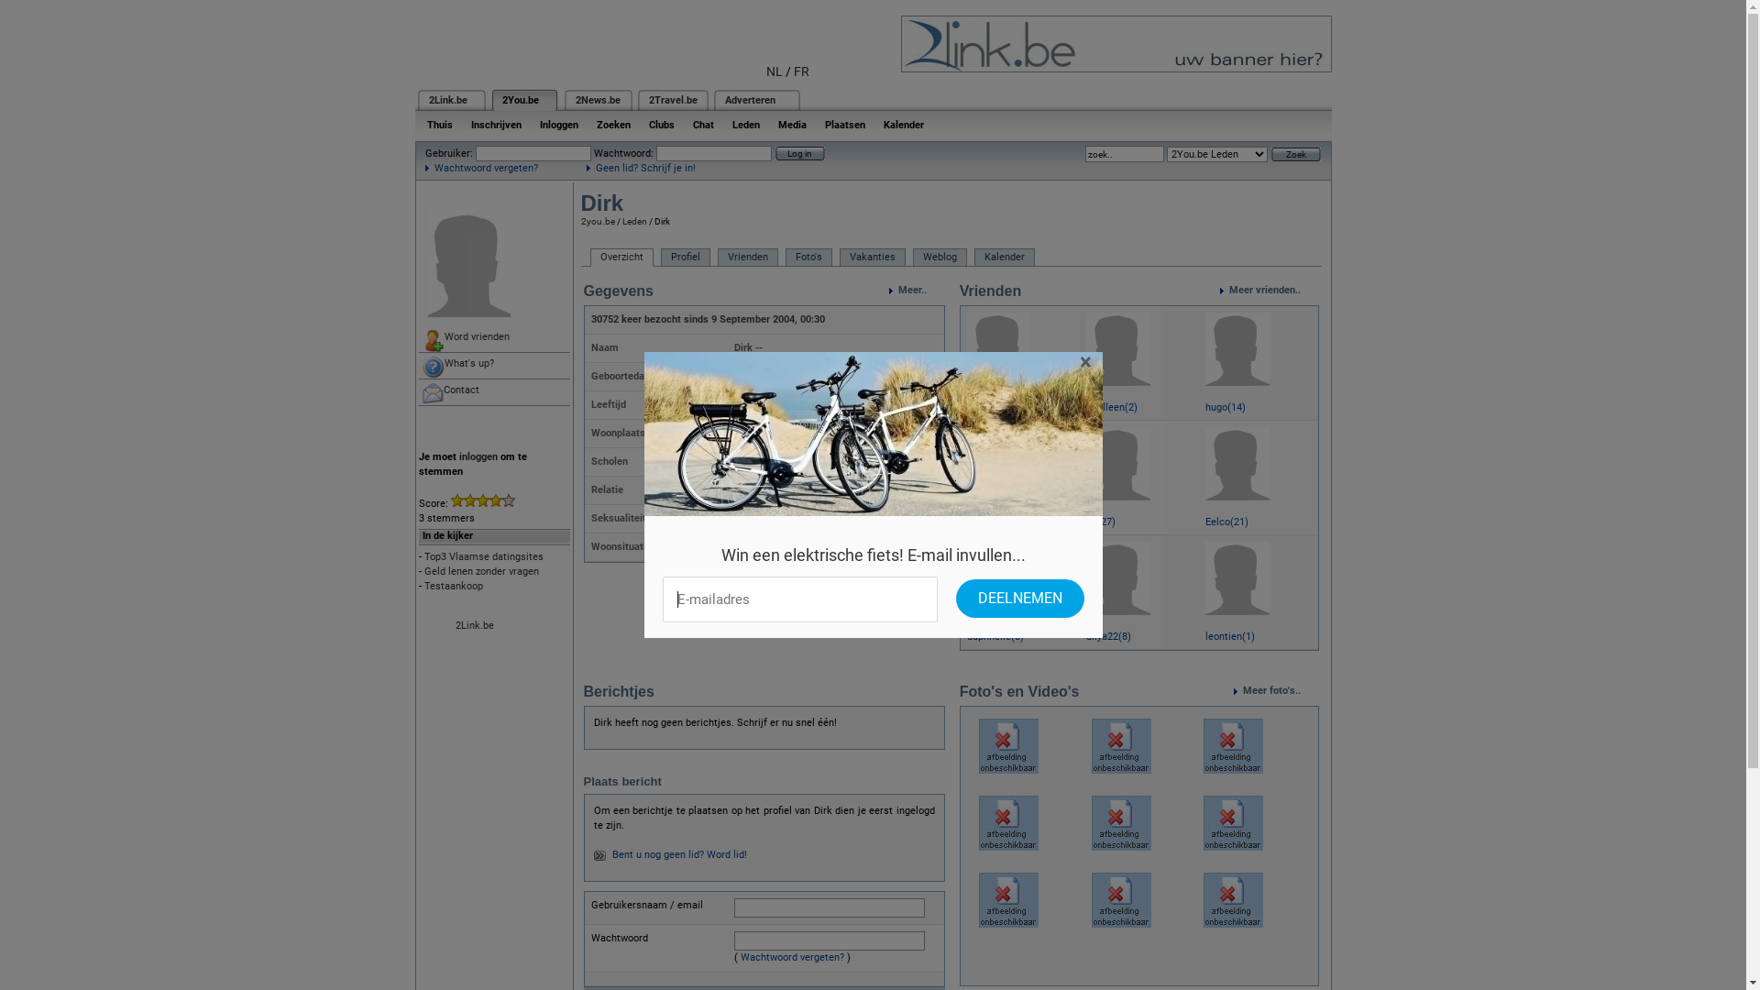  I want to click on 'Overzicht', so click(621, 258).